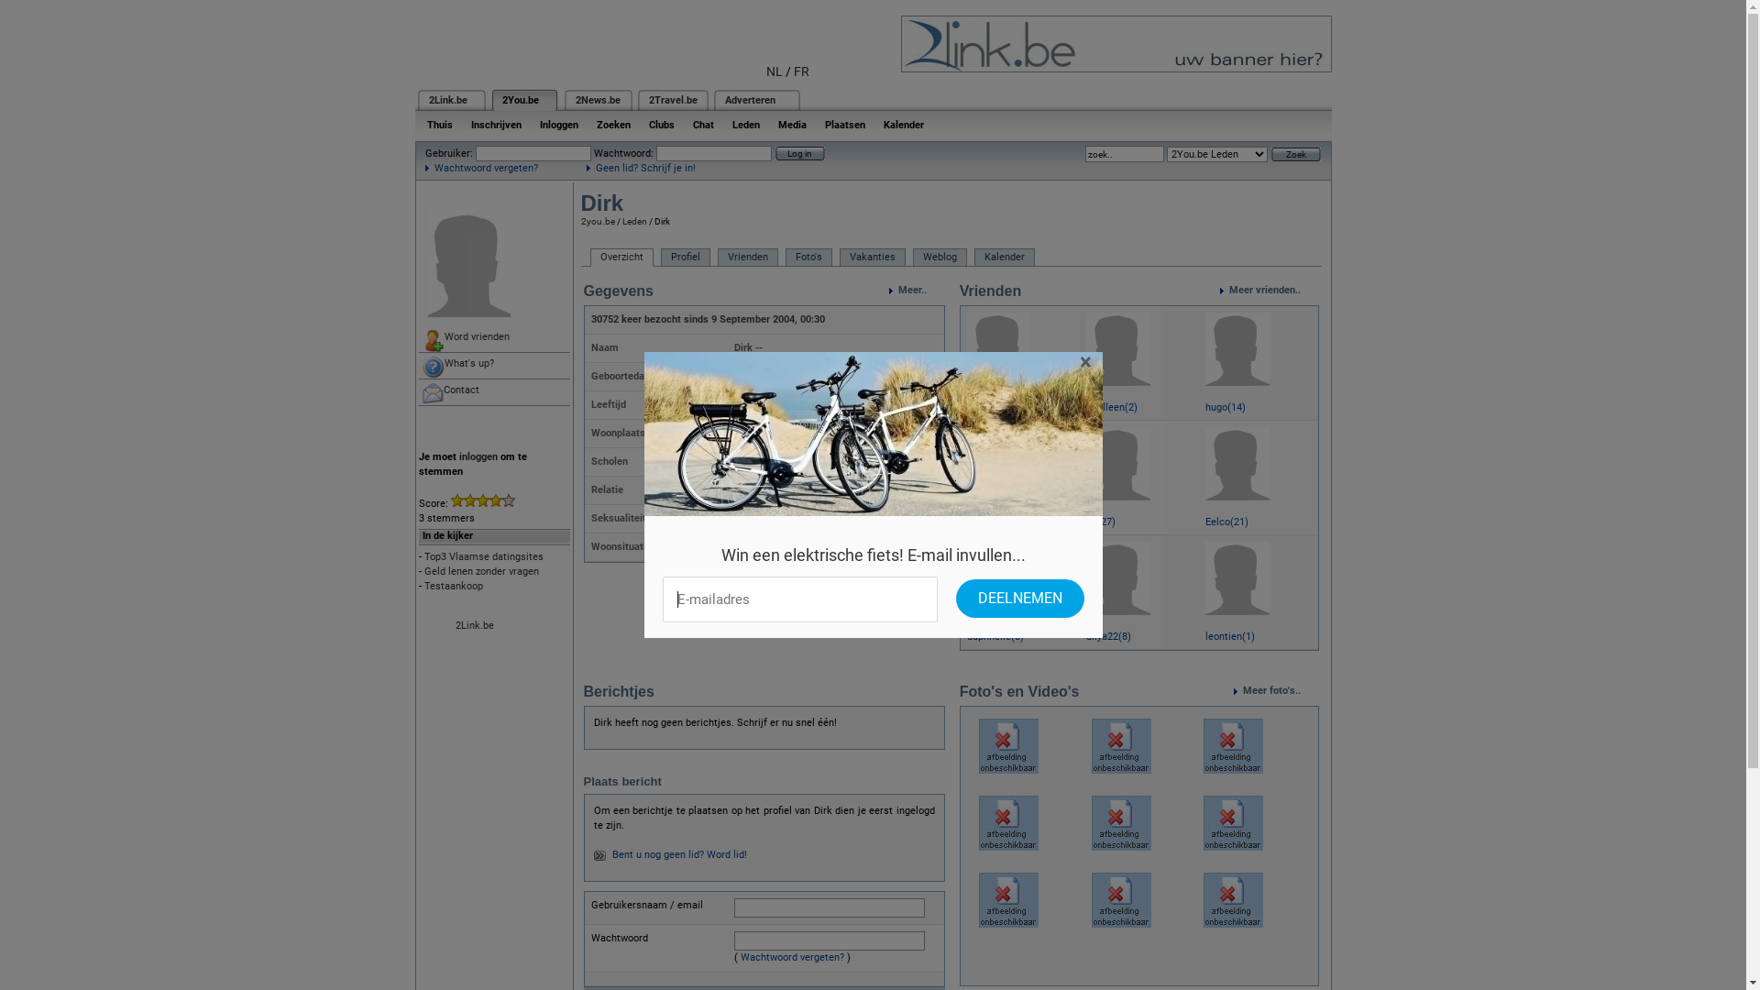  I want to click on 'Overzicht', so click(621, 258).